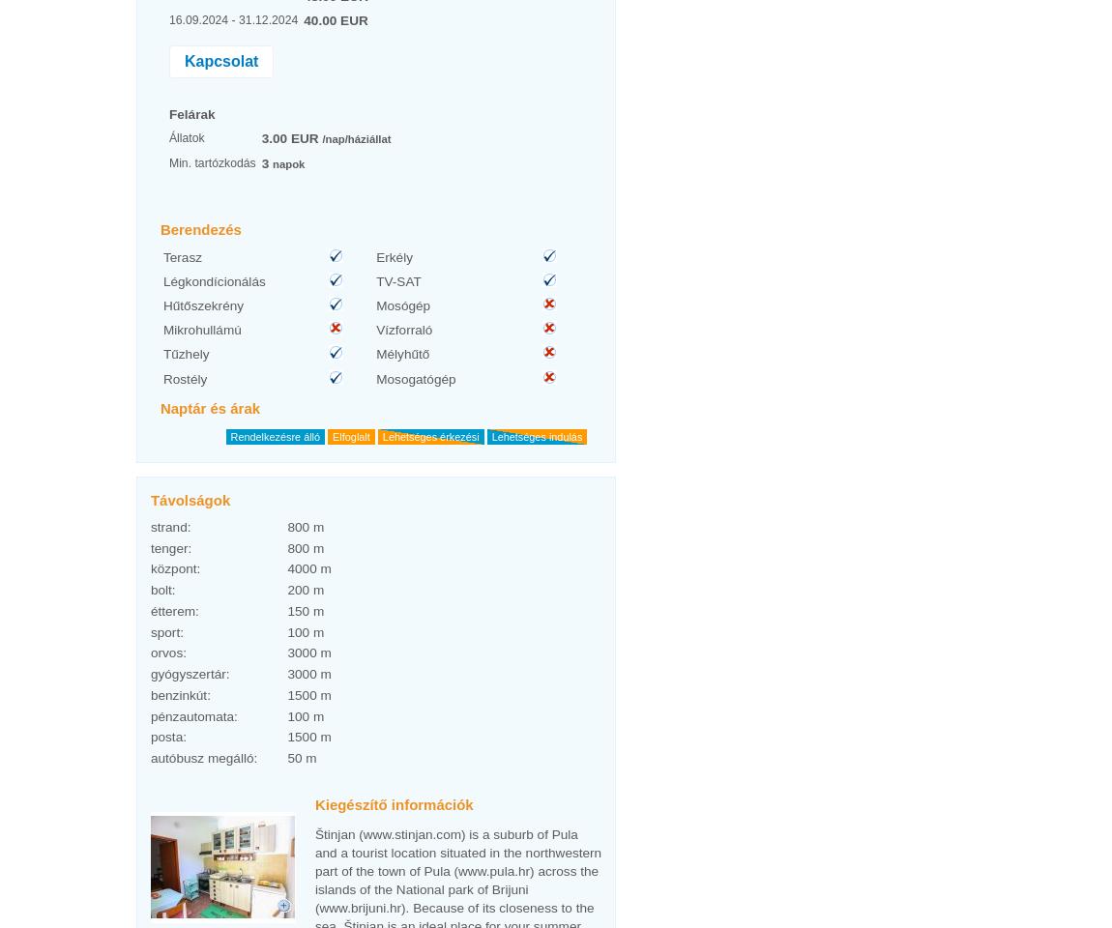 The width and height of the screenshot is (1112, 928). What do you see at coordinates (430, 113) in the screenshot?
I see `'Lehetséges érkezési'` at bounding box center [430, 113].